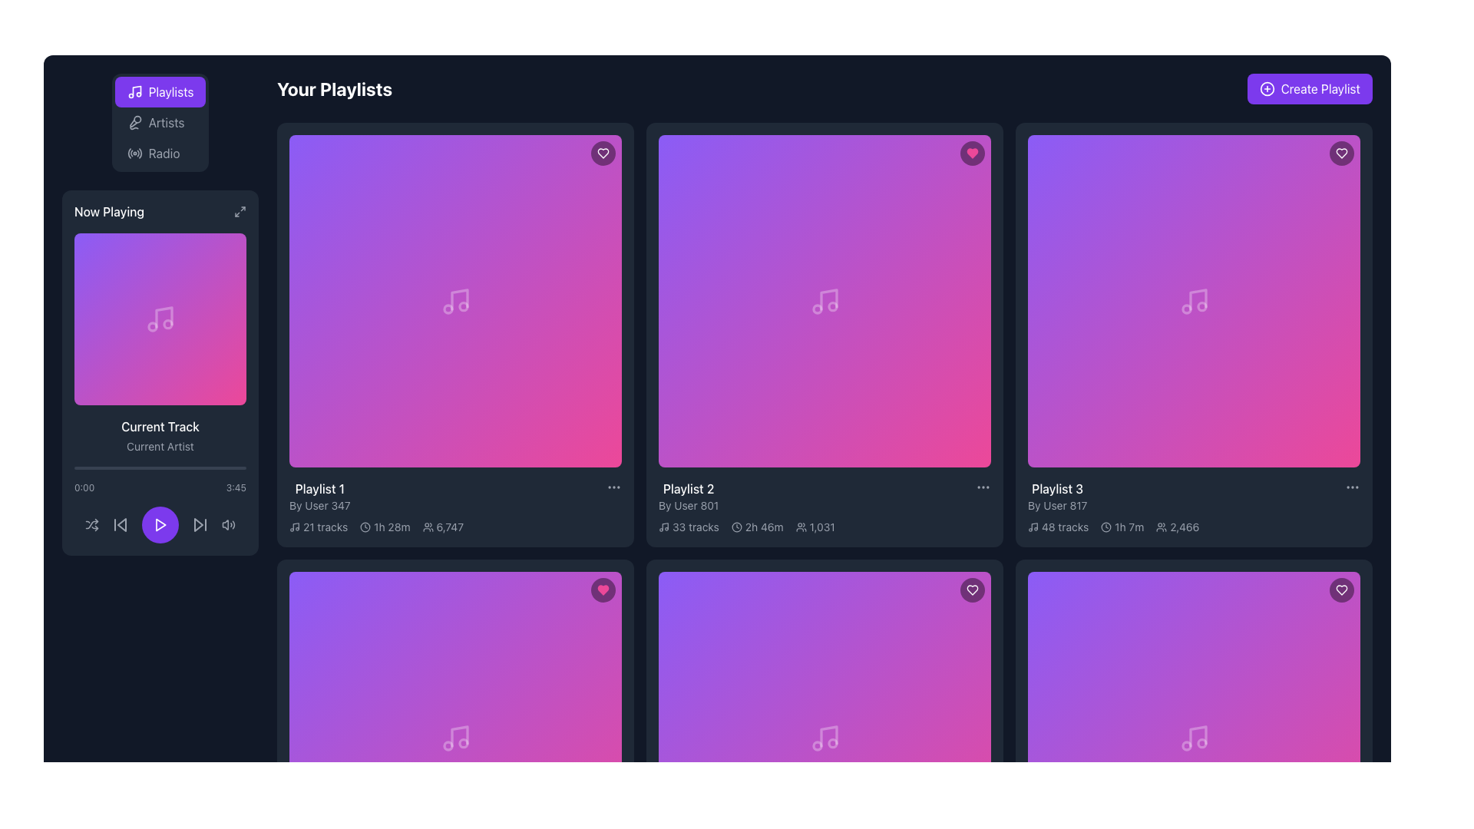 This screenshot has height=829, width=1474. Describe the element at coordinates (1340, 154) in the screenshot. I see `the heart icon in the top-right corner of the playlist card for 'Playlist 3' to mark the playlist as liked` at that location.